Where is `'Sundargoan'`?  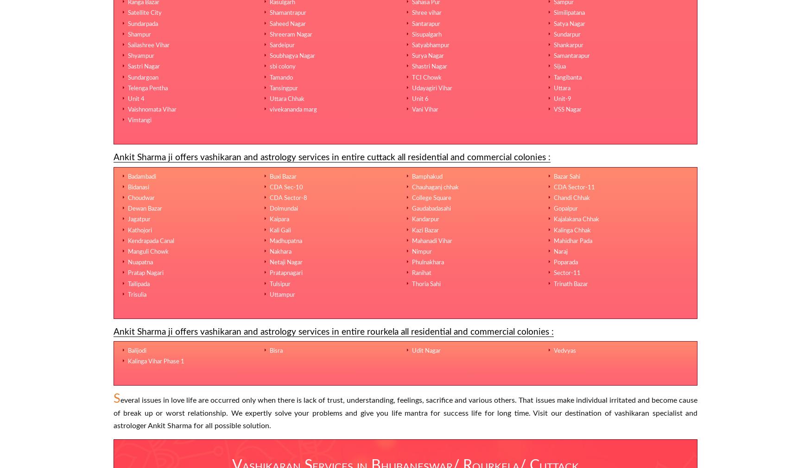 'Sundargoan' is located at coordinates (127, 77).